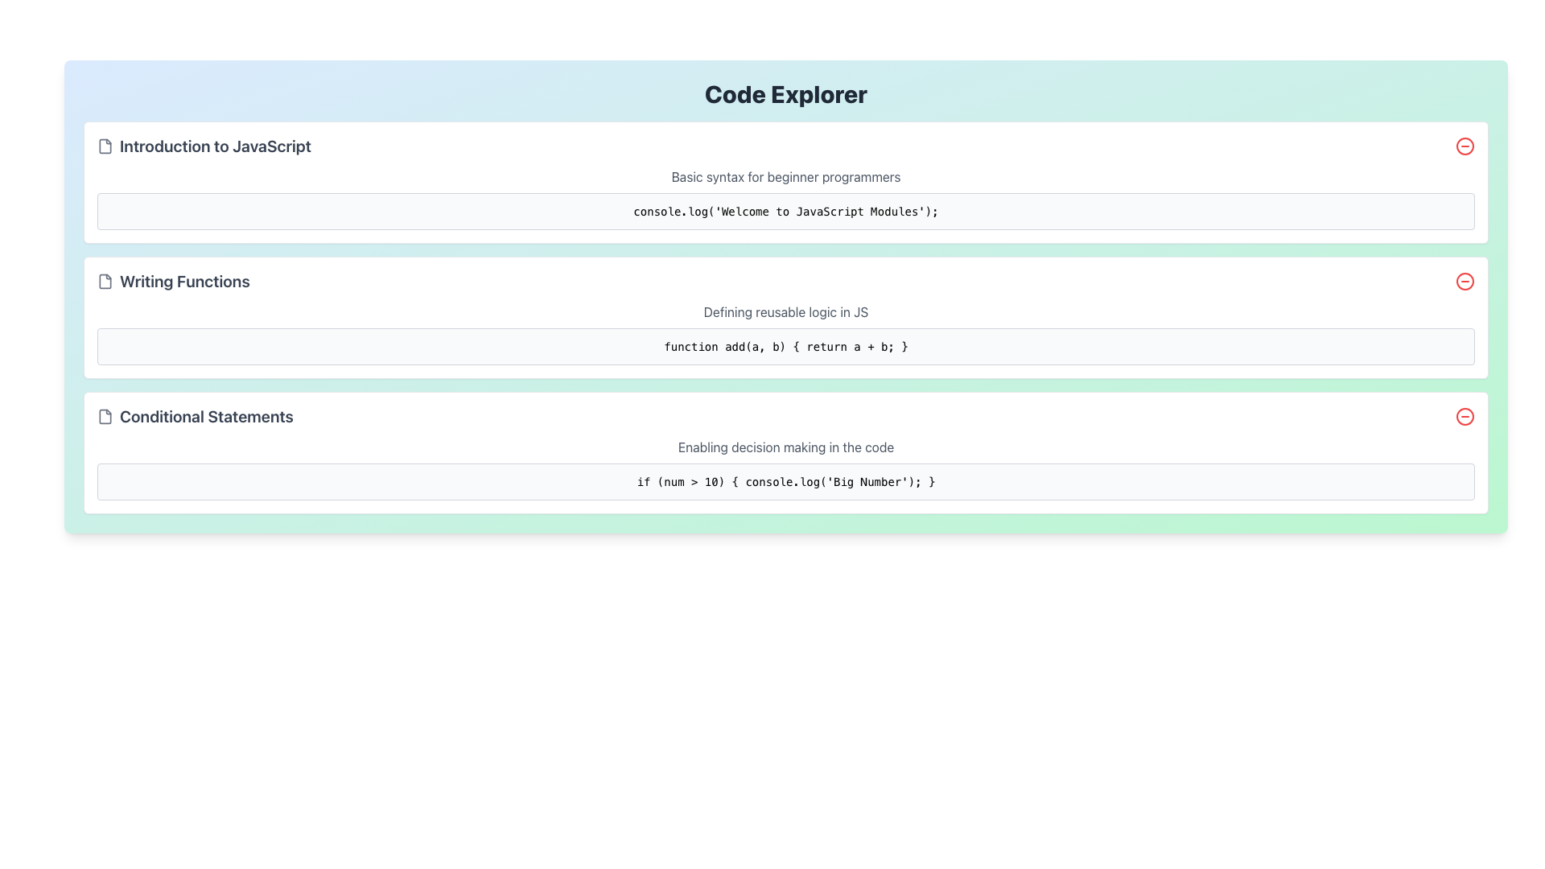  What do you see at coordinates (786, 312) in the screenshot?
I see `the static text label reading 'Defining reusable logic in JS', which is styled in gray and located within the section titled 'Writing Functions'` at bounding box center [786, 312].